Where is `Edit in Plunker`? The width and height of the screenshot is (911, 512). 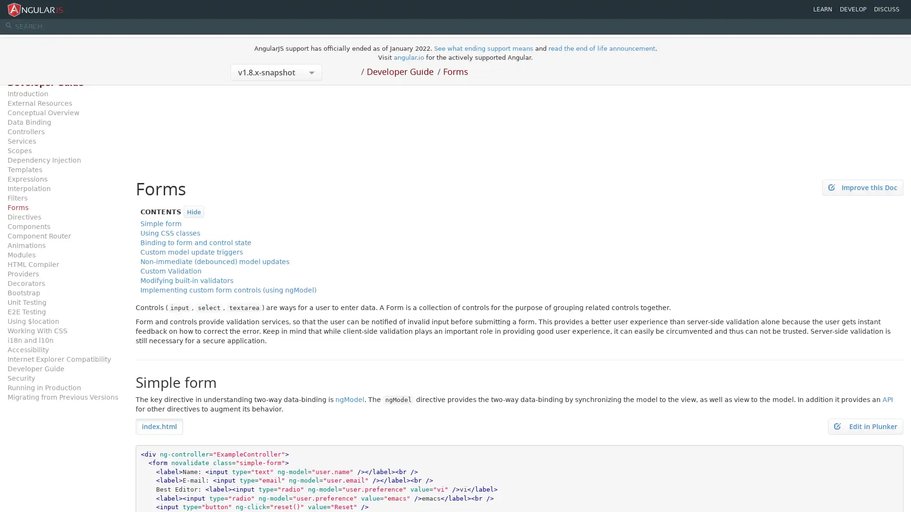
Edit in Plunker is located at coordinates (865, 426).